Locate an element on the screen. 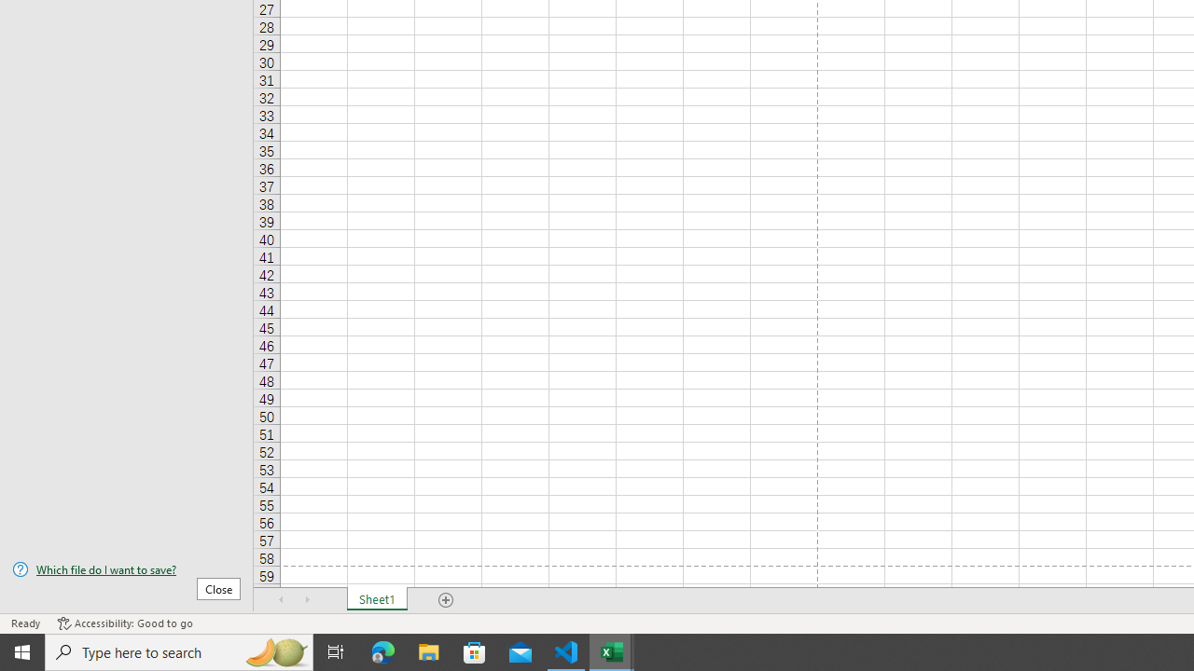 The height and width of the screenshot is (671, 1194). 'Sheet1' is located at coordinates (376, 600).